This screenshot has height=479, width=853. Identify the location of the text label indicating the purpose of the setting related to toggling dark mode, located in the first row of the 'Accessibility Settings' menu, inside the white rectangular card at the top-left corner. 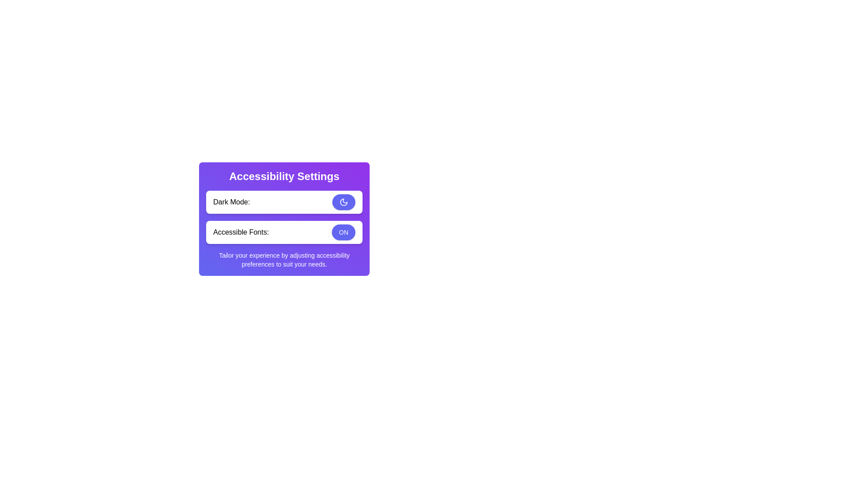
(231, 202).